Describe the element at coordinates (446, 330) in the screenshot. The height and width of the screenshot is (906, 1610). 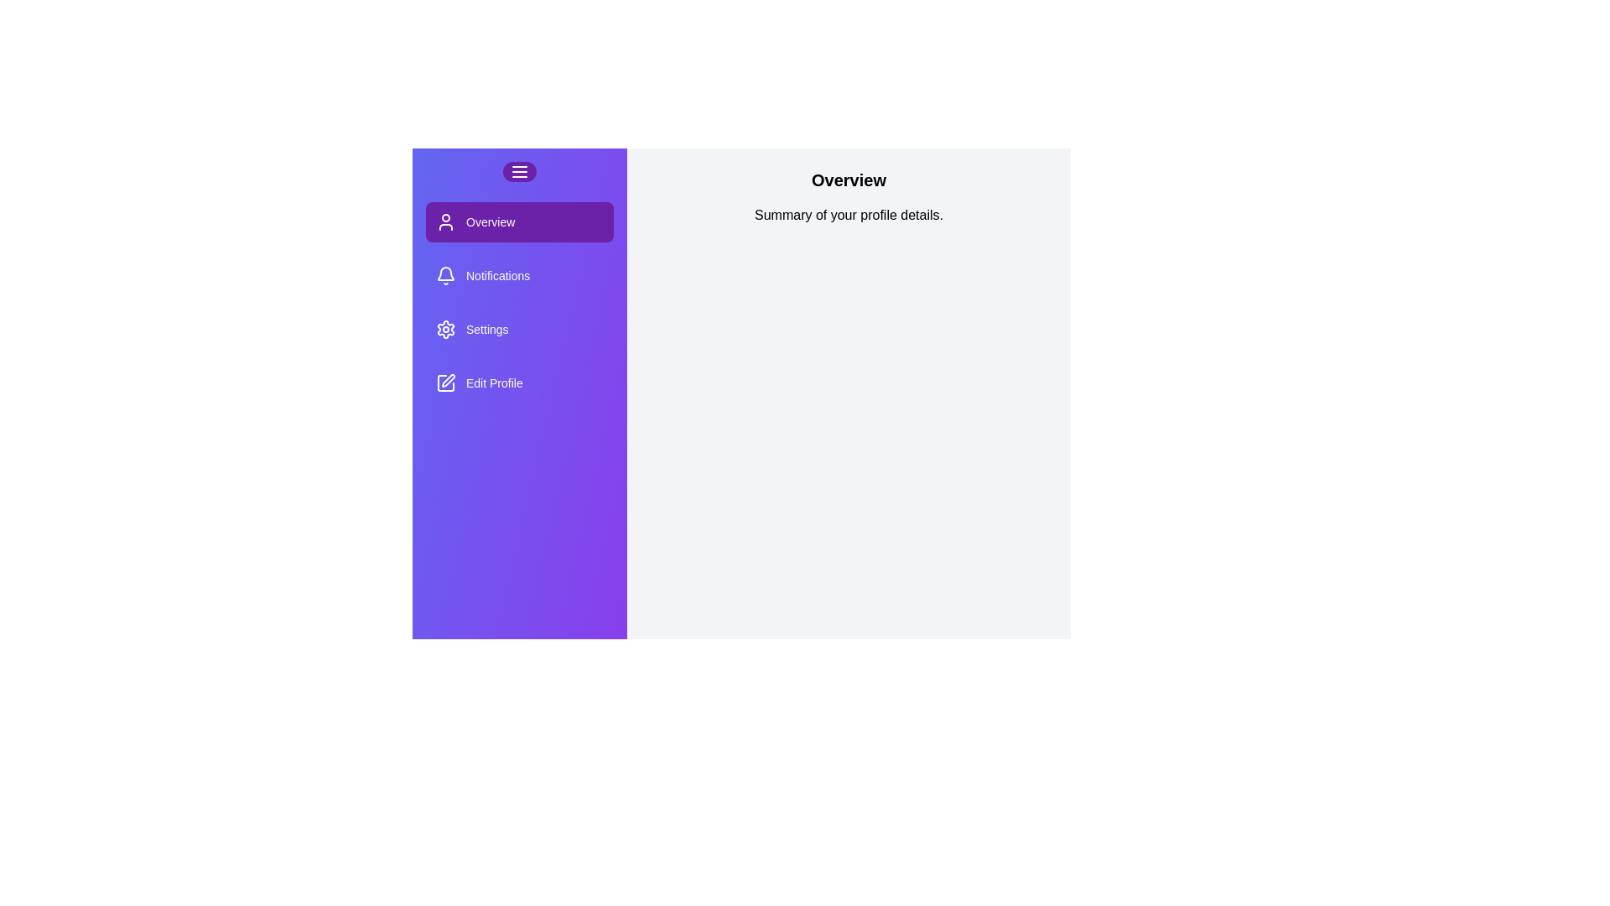
I see `the icon of the section Settings` at that location.